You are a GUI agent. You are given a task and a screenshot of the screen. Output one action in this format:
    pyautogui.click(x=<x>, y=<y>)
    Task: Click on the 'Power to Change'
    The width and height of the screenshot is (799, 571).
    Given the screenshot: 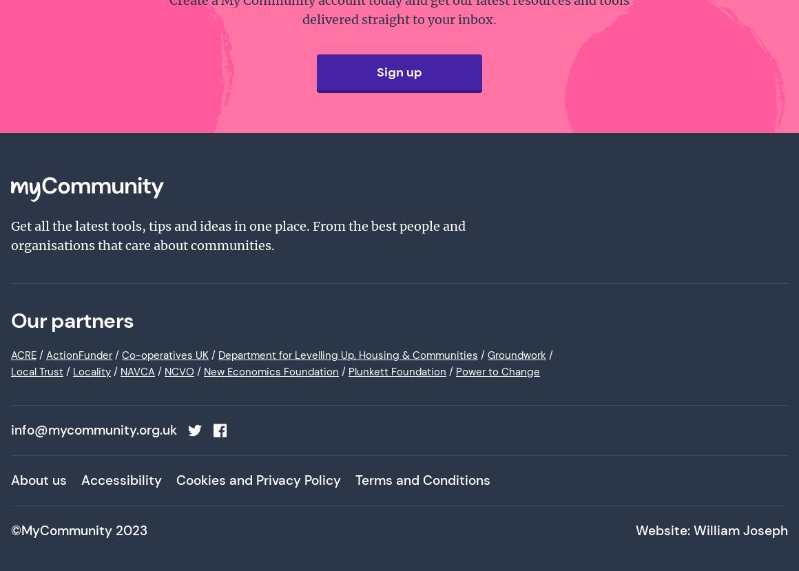 What is the action you would take?
    pyautogui.click(x=497, y=372)
    